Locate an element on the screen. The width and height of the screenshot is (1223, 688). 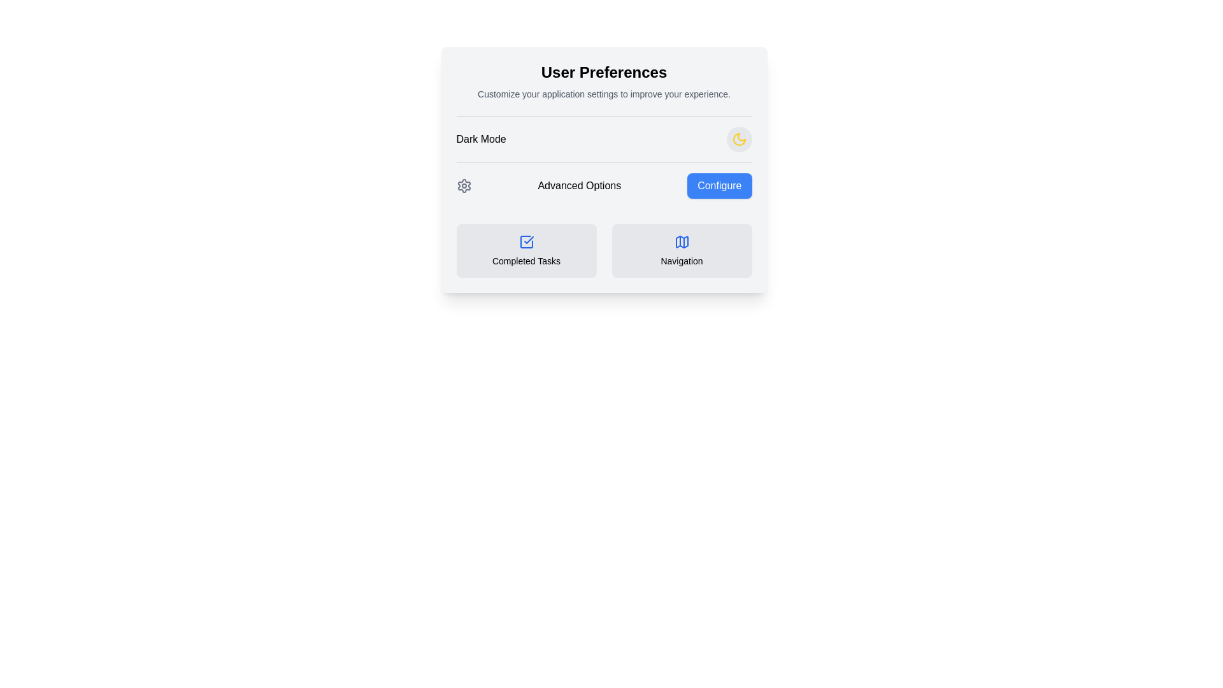
the icon representing completed tasks located centrally within the 'Completed Tasks' card in the 'User Preferences' panel is located at coordinates (526, 242).